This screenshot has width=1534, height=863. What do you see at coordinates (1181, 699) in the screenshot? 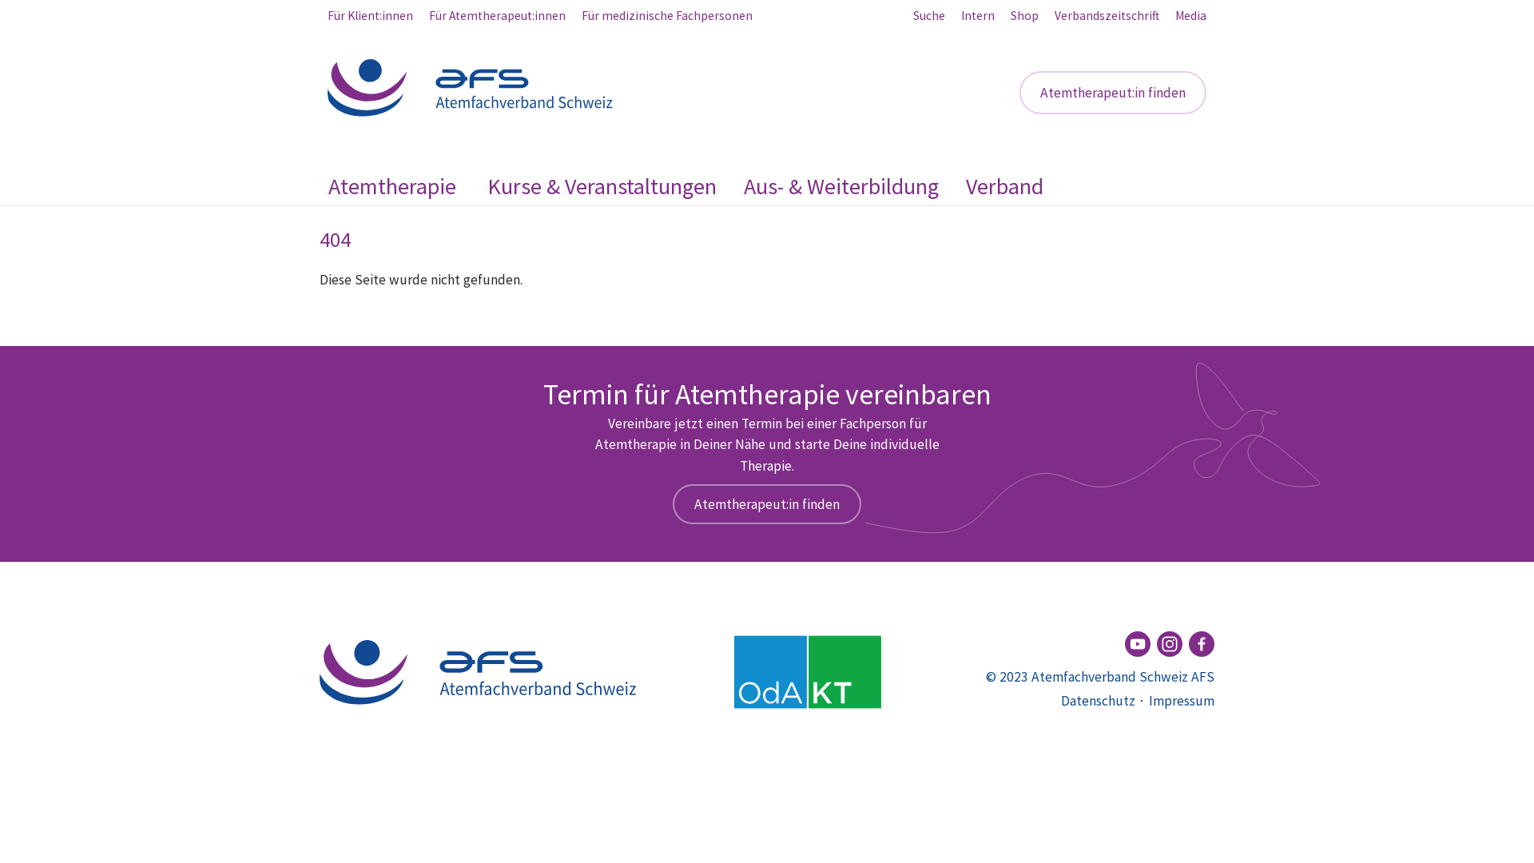
I see `'Impressum'` at bounding box center [1181, 699].